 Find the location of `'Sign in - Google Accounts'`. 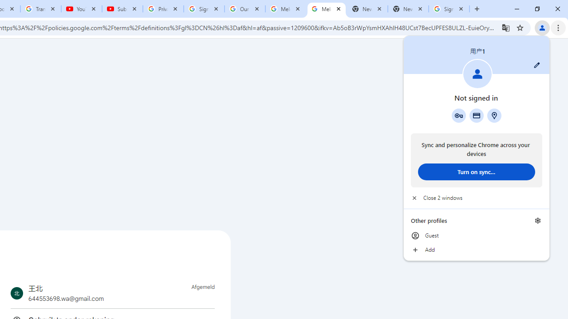

'Sign in - Google Accounts' is located at coordinates (449, 9).